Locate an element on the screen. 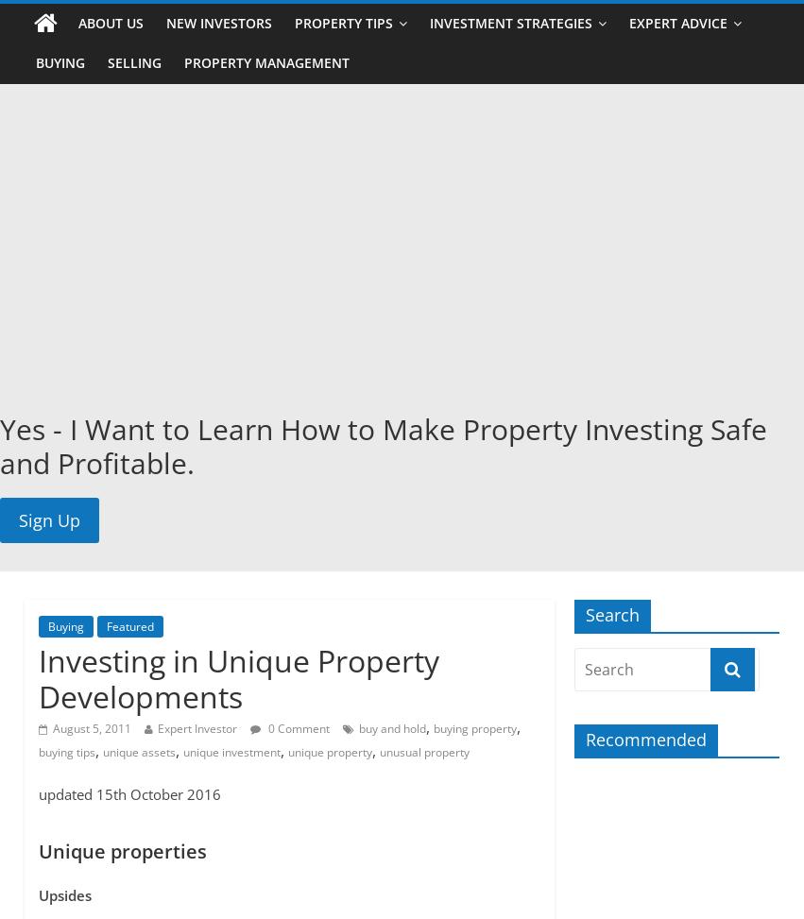  '0 Comment' is located at coordinates (296, 726).